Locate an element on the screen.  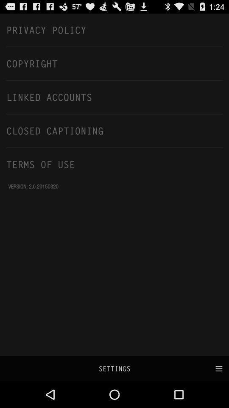
the linked accounts item is located at coordinates (114, 97).